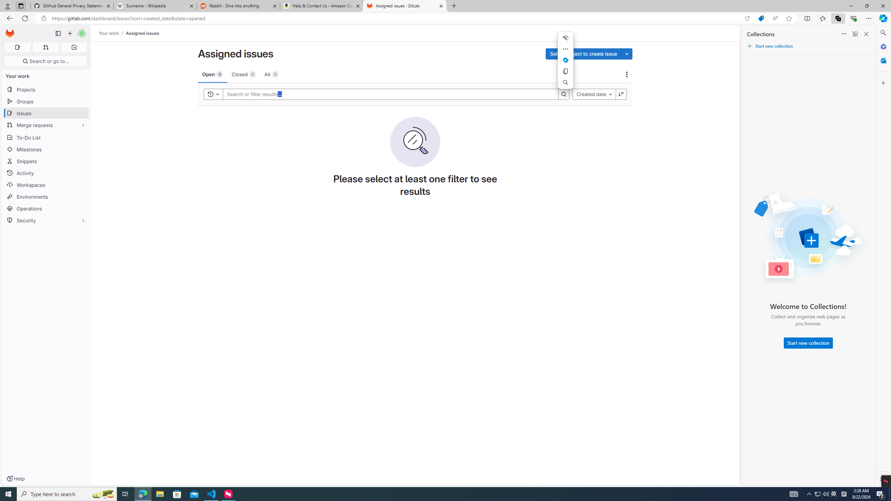 This screenshot has height=501, width=891. I want to click on 'Your work/', so click(112, 33).